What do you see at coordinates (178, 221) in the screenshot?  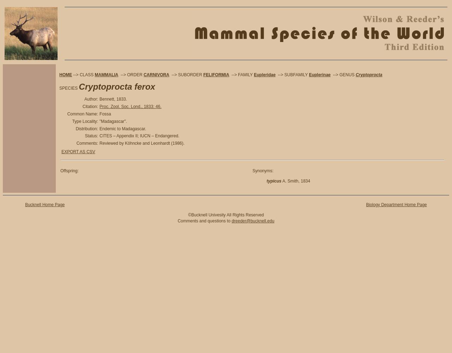 I see `'Comments and questions to'` at bounding box center [178, 221].